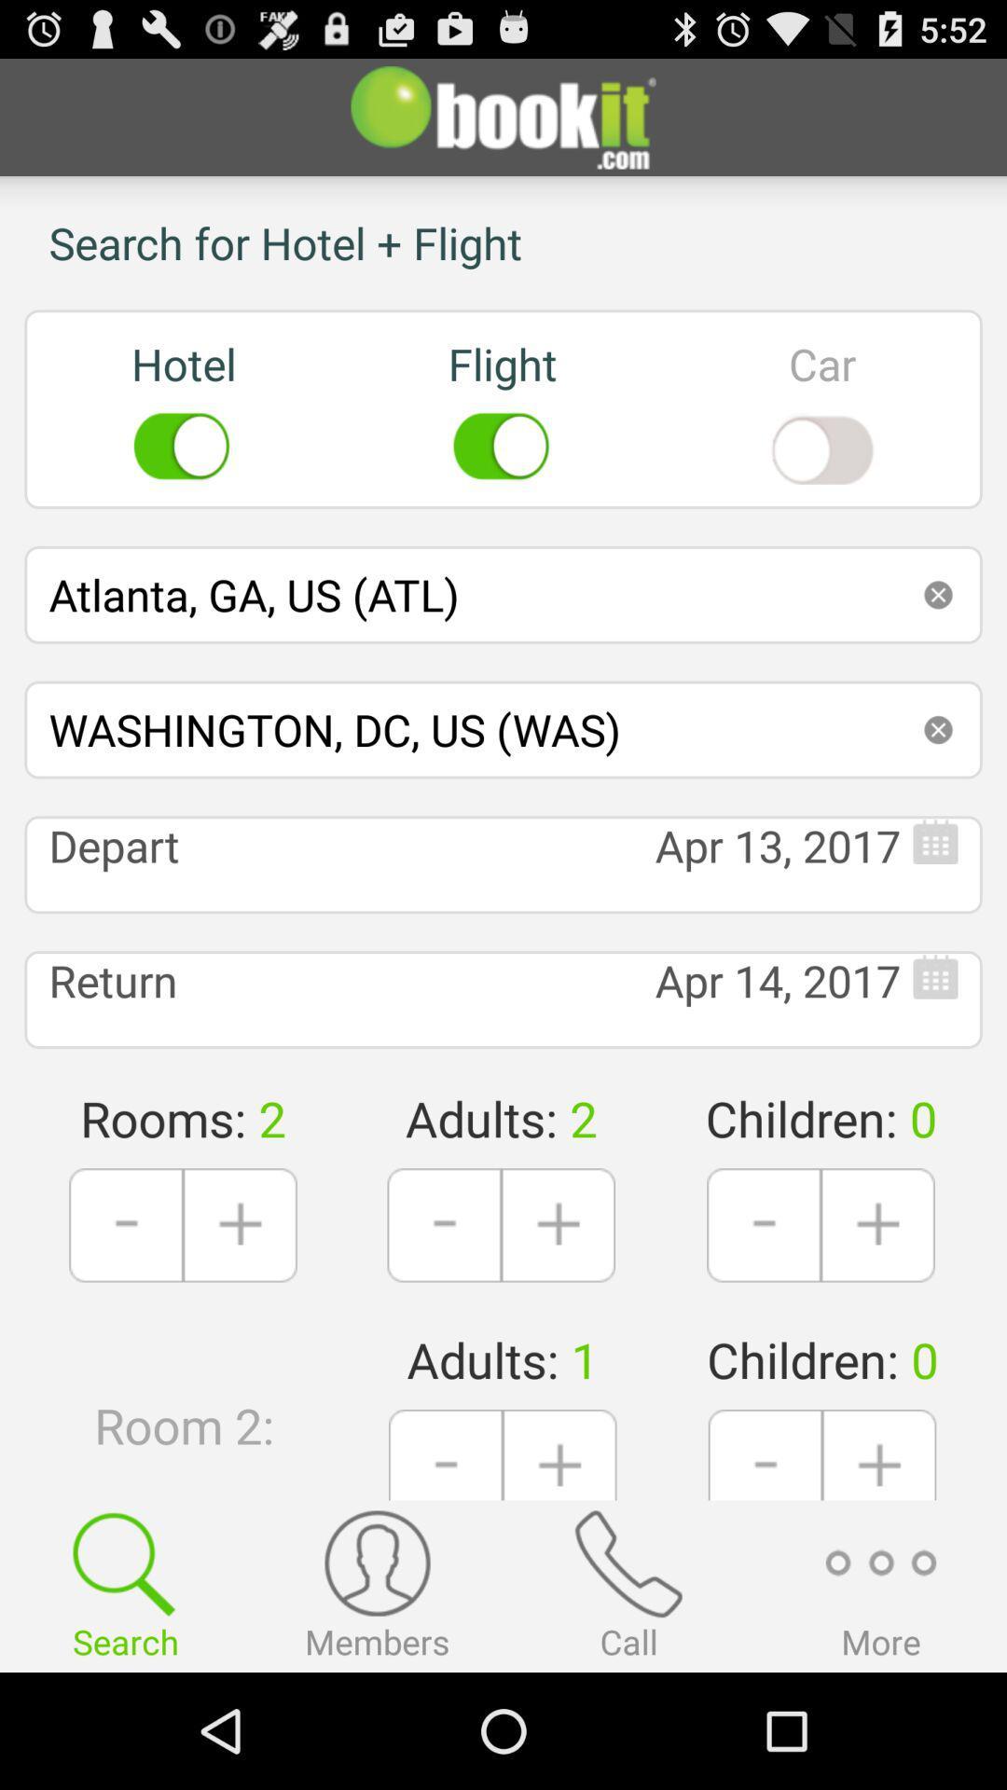 The image size is (1007, 1790). What do you see at coordinates (877, 1310) in the screenshot?
I see `the add icon` at bounding box center [877, 1310].